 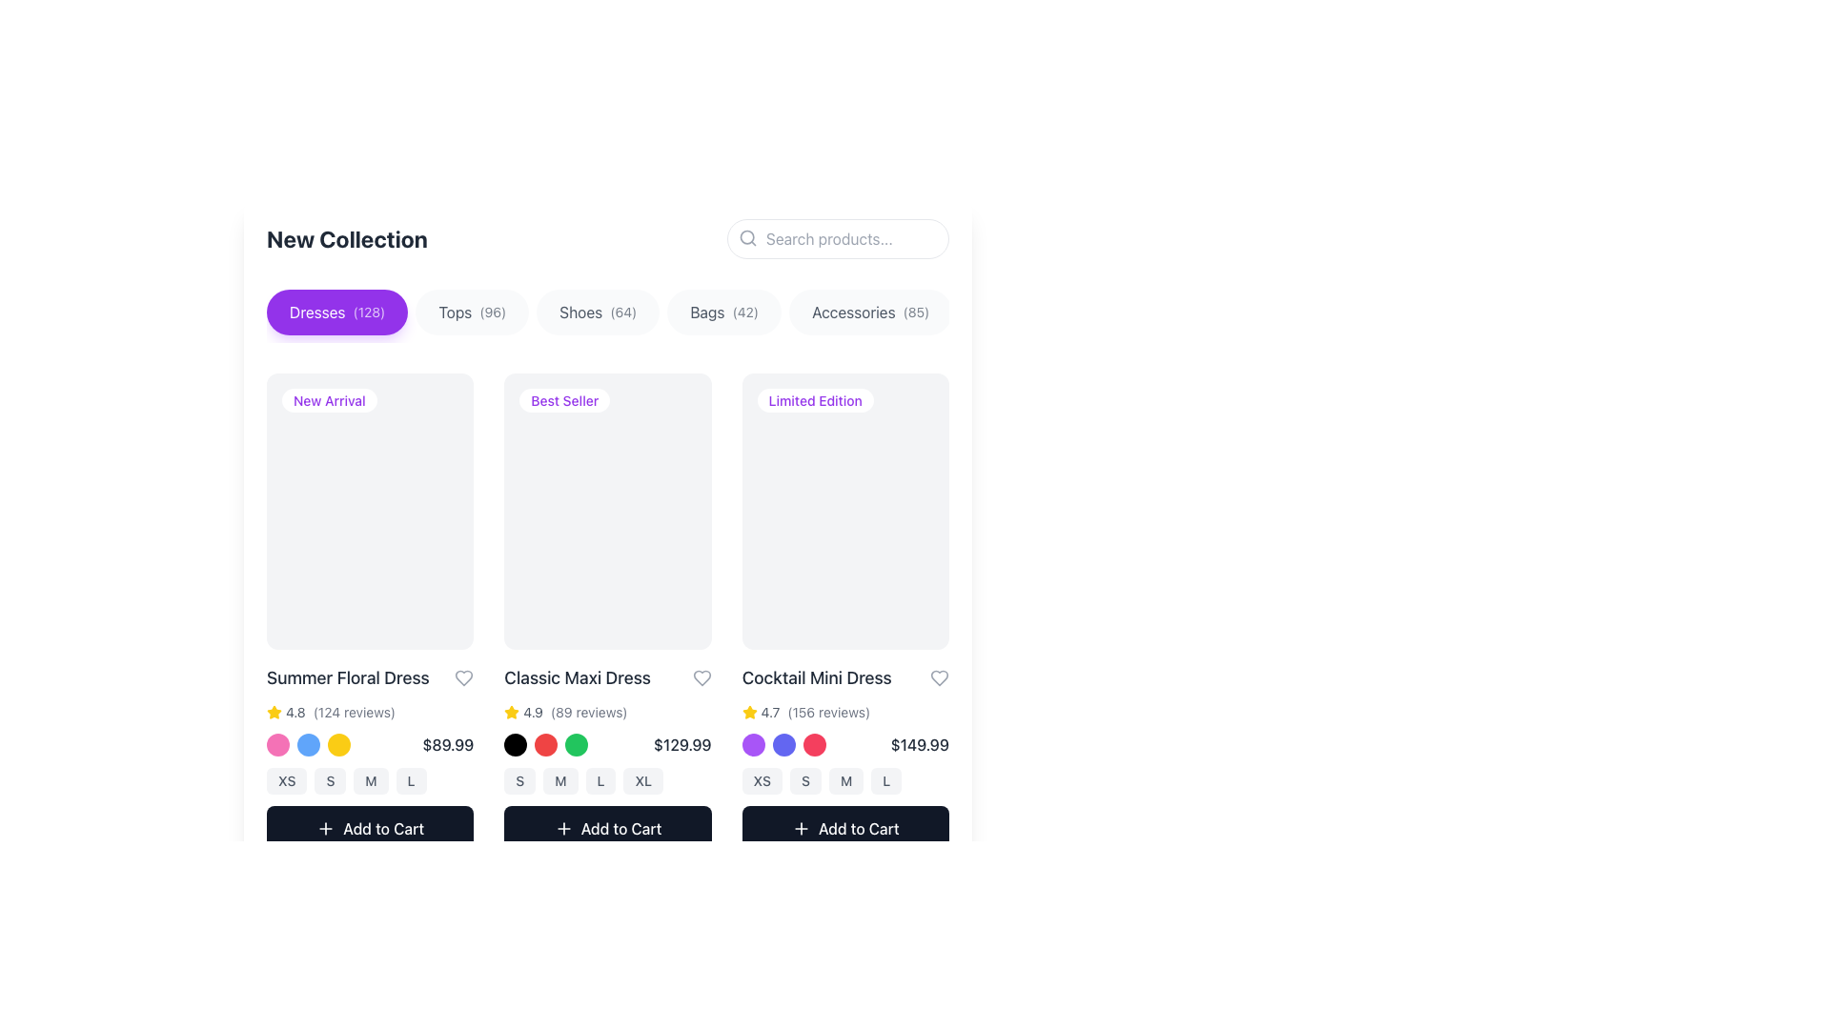 What do you see at coordinates (701, 676) in the screenshot?
I see `the heart-shaped icon button styled in gray, located to the right of the 'Classic Maxi Dress' label` at bounding box center [701, 676].